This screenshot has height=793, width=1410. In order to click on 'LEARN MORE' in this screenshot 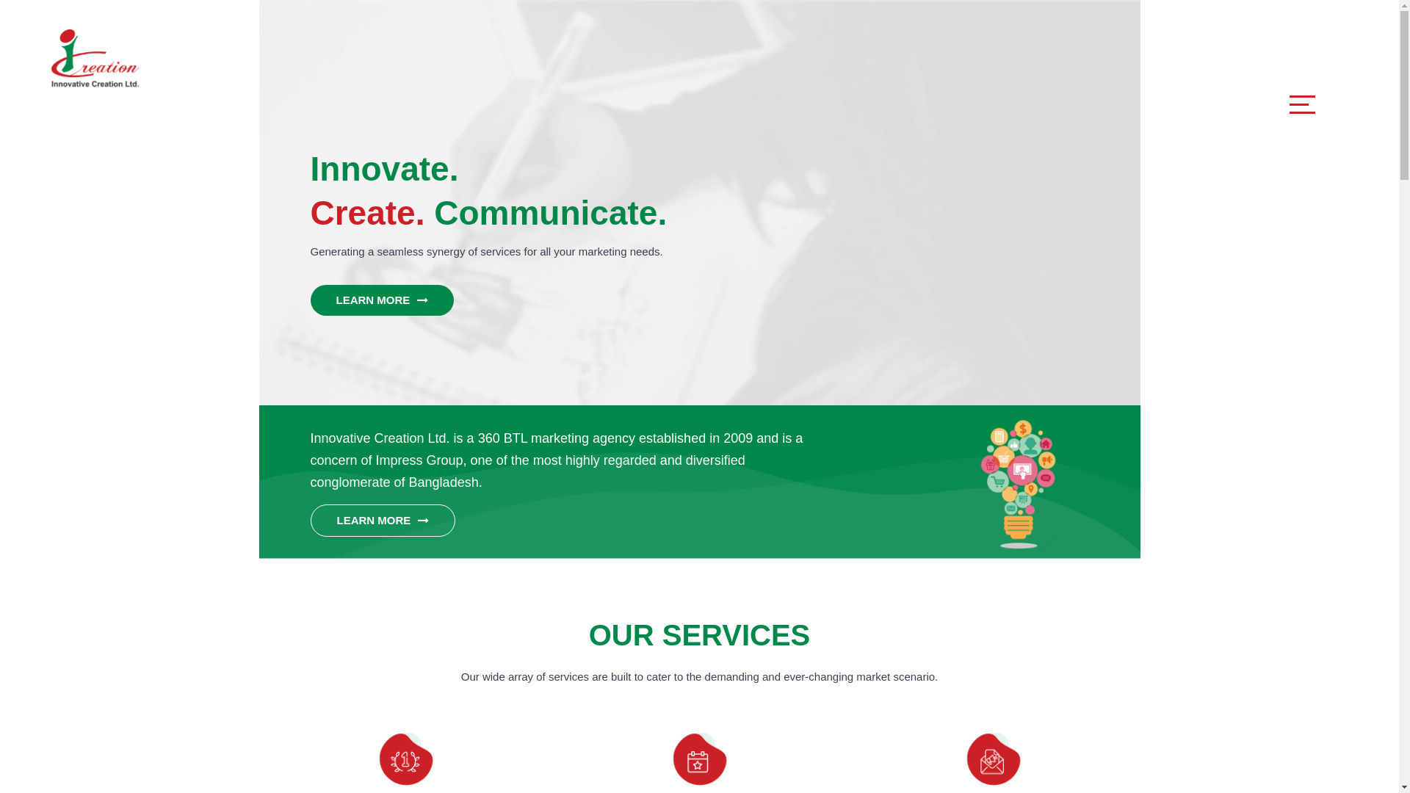, I will do `click(309, 520)`.